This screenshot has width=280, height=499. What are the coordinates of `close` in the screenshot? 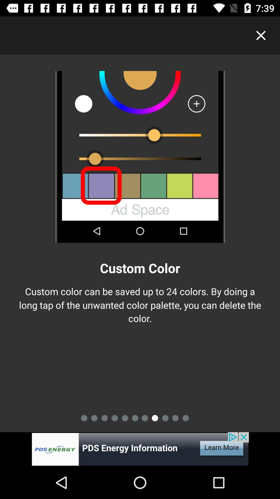 It's located at (261, 35).